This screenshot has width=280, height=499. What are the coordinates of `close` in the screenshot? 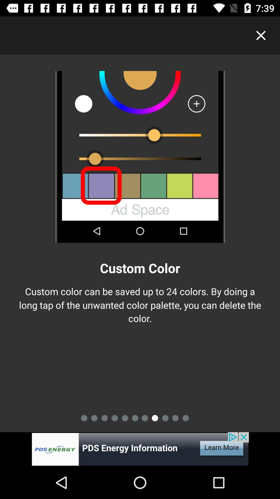 It's located at (261, 35).